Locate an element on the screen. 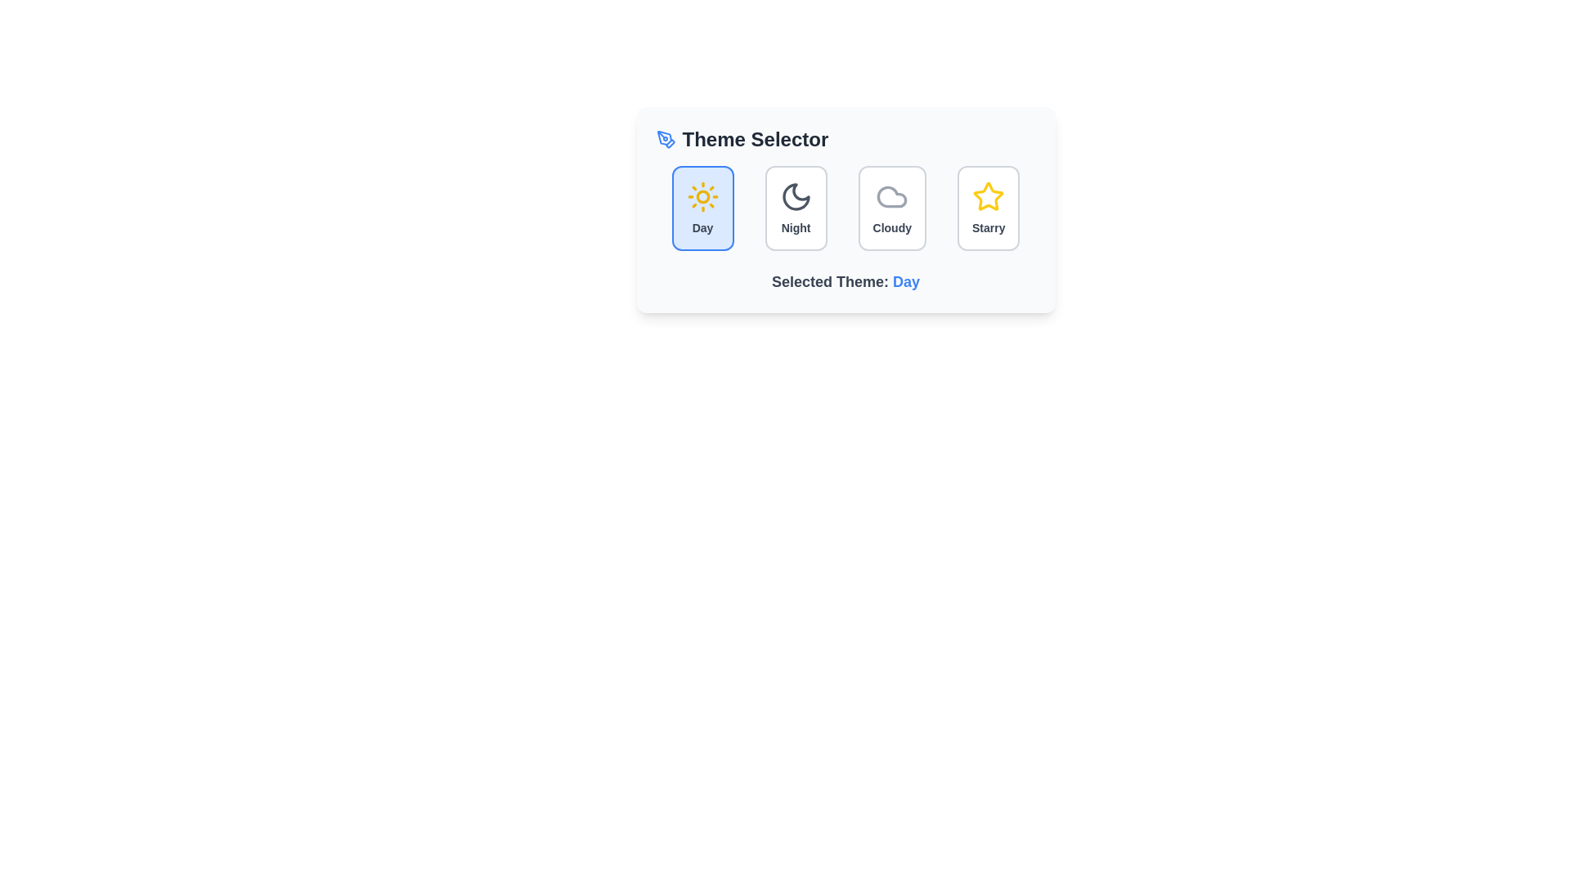 Image resolution: width=1570 pixels, height=883 pixels. the static text label identifying the 'Cloudy' theme option located in the third option group of the theme selection interface, positioned beneath the cloud-shaped icon is located at coordinates (891, 227).